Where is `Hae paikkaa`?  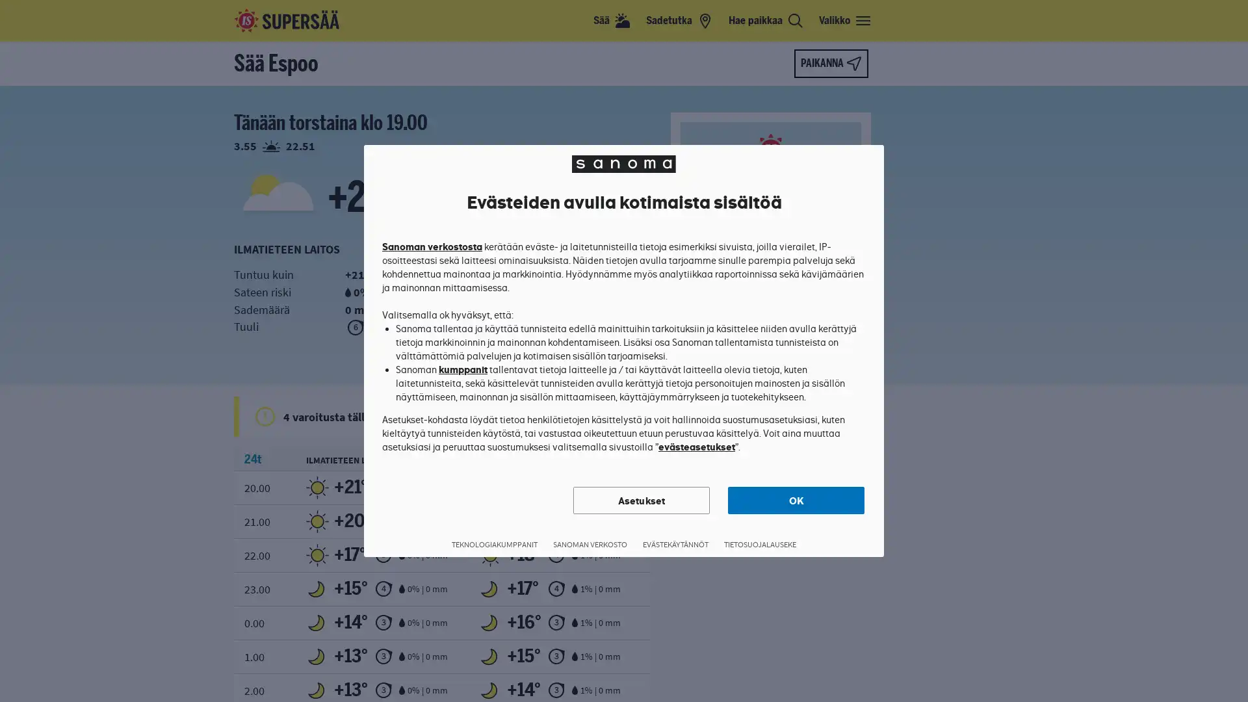
Hae paikkaa is located at coordinates (766, 20).